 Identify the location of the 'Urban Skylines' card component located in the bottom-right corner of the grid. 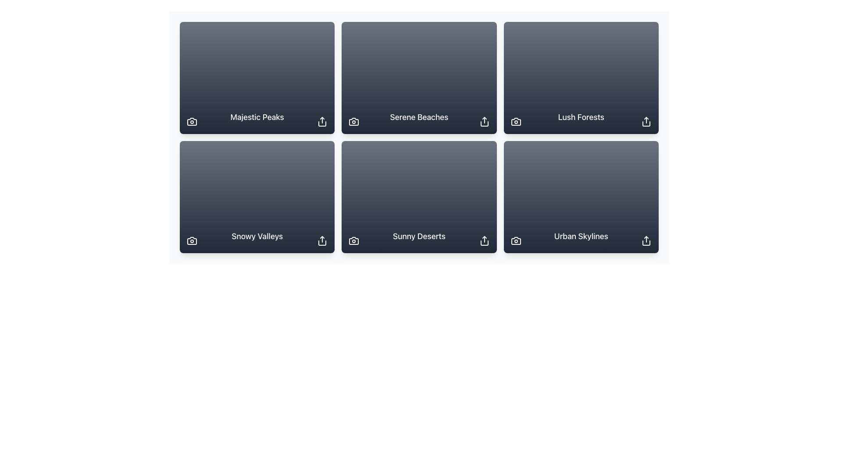
(581, 197).